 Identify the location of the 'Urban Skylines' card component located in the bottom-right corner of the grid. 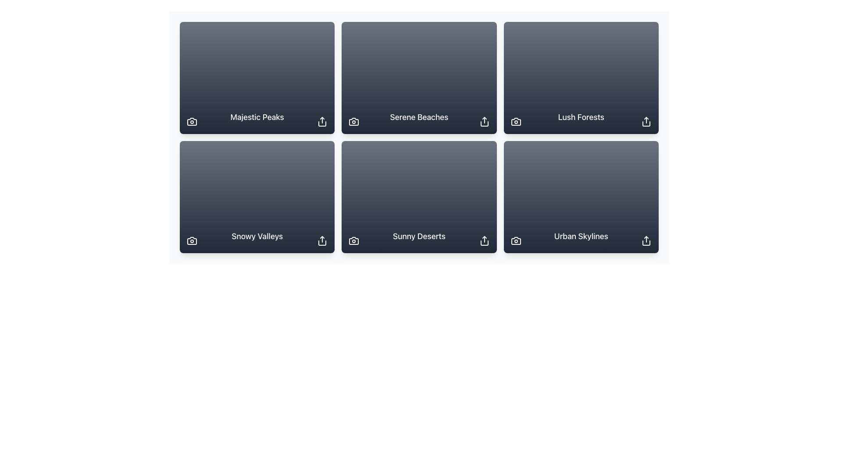
(581, 197).